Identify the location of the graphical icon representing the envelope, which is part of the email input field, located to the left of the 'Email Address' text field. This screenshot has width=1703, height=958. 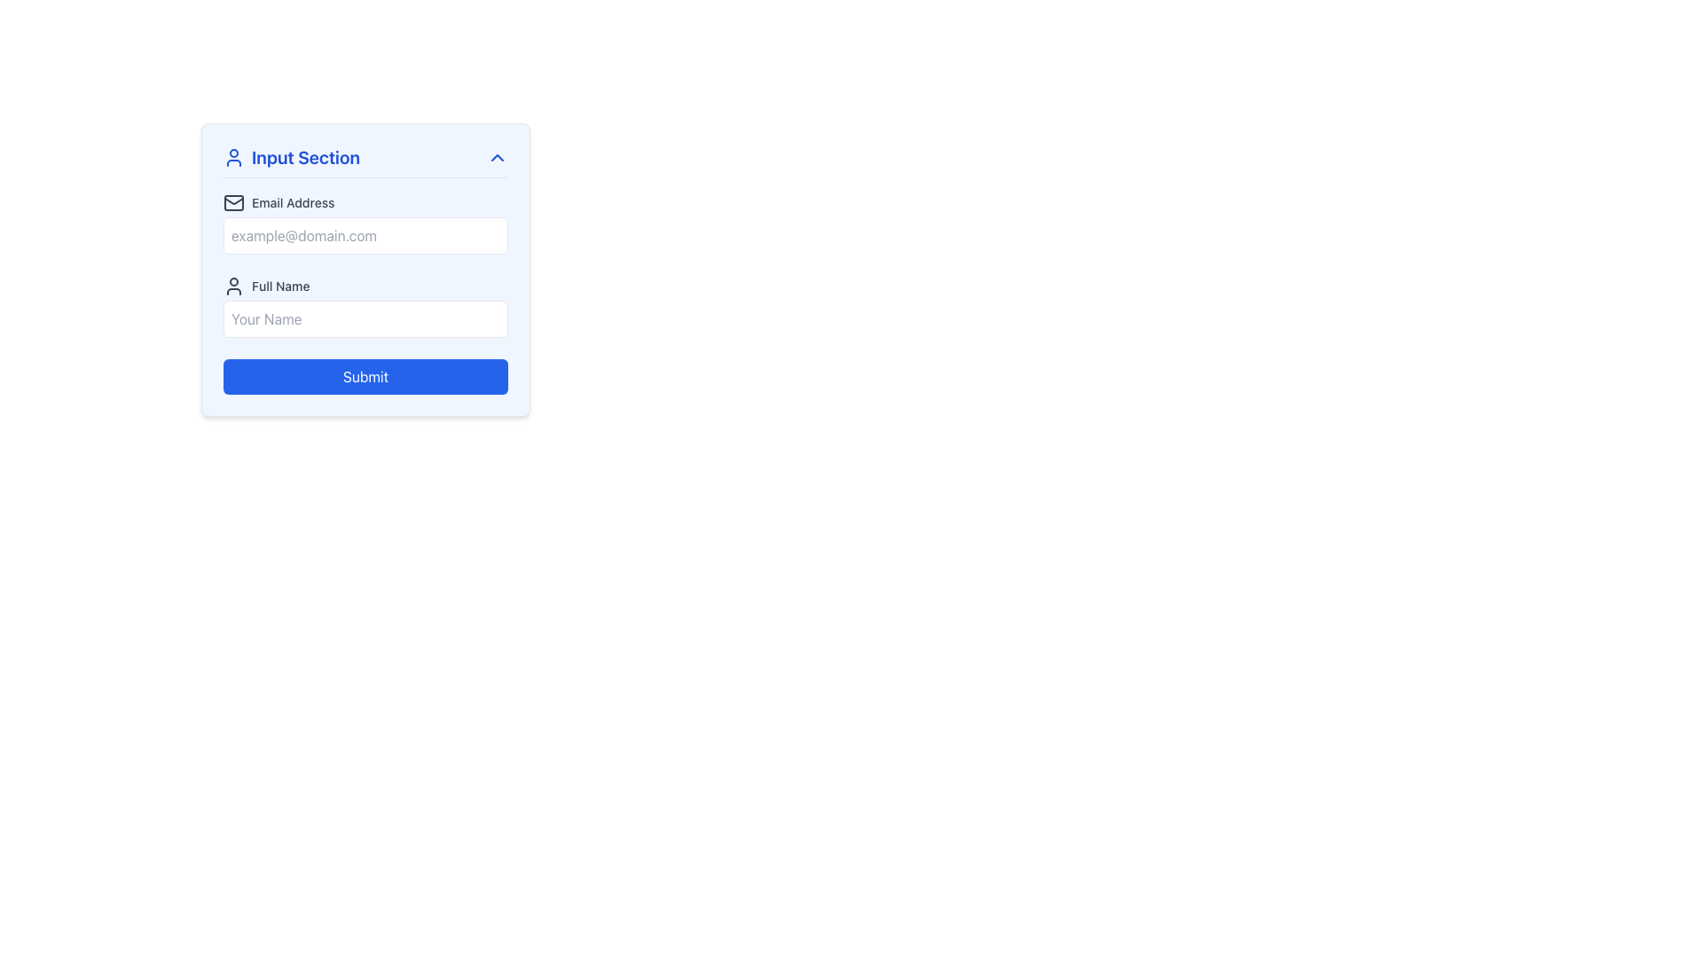
(233, 201).